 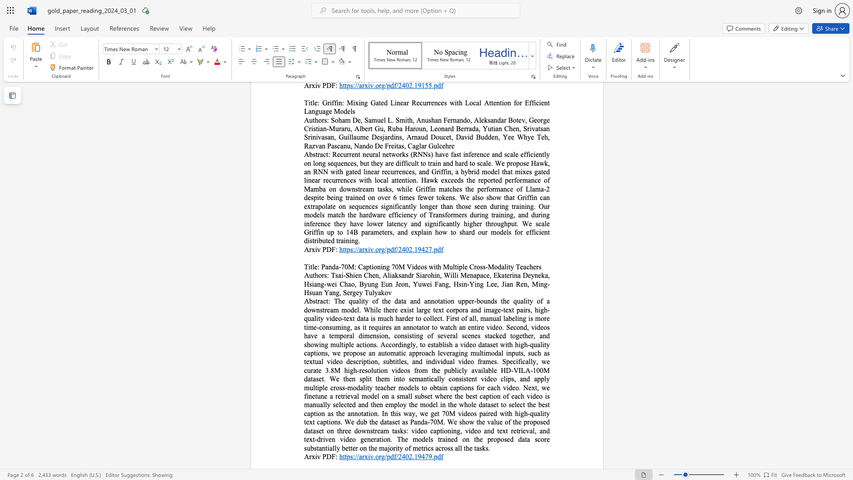 What do you see at coordinates (334, 421) in the screenshot?
I see `the subset text "ns. We dub the dataset as Panda-70M. We show the value of the proposed dataset on three downstream tasks: video captioning, video and text retrieval, and" within the text "this way, we get 70M videos paired with high-quality text captions. We dub the dataset as Panda-70M. We show the value of the proposed dataset on three downstream tasks: video captioning, video and text retrieval, and text-driven video generation. The models trained on the proposed data score substantially better on the majority of metrics across all the tasks."` at bounding box center [334, 421].